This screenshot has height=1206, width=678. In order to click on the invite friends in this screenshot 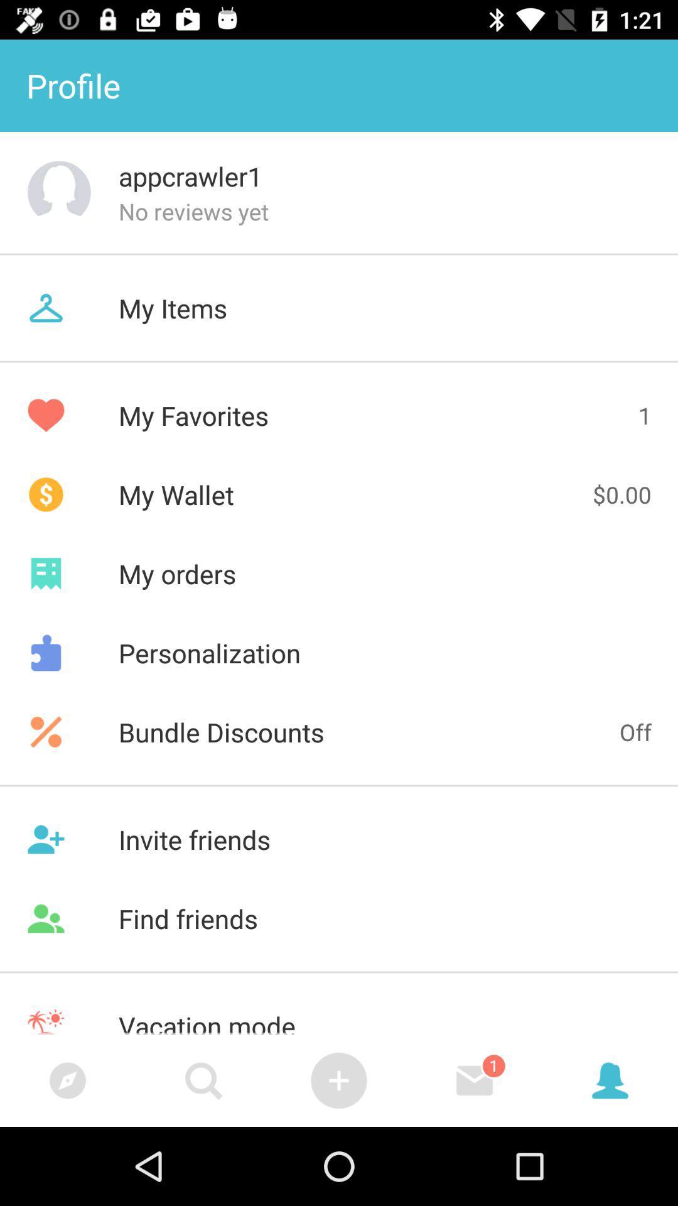, I will do `click(339, 839)`.